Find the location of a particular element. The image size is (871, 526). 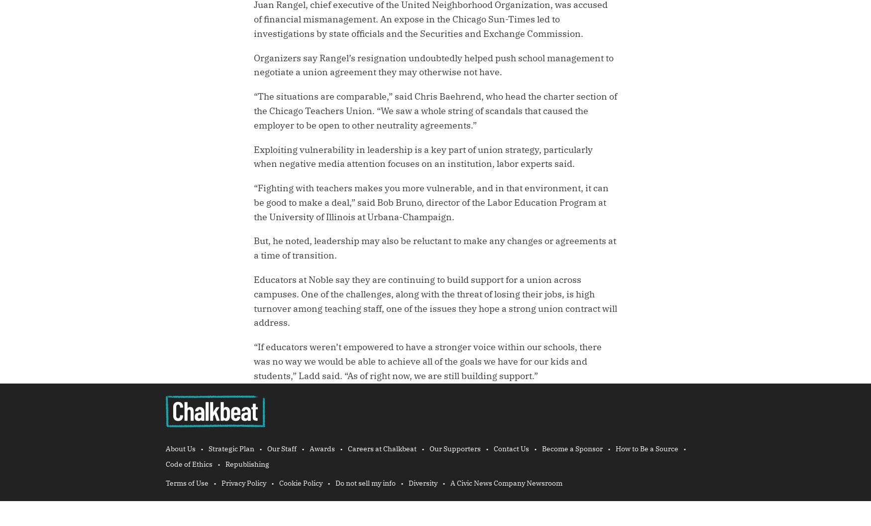

'Privacy Policy' is located at coordinates (221, 483).